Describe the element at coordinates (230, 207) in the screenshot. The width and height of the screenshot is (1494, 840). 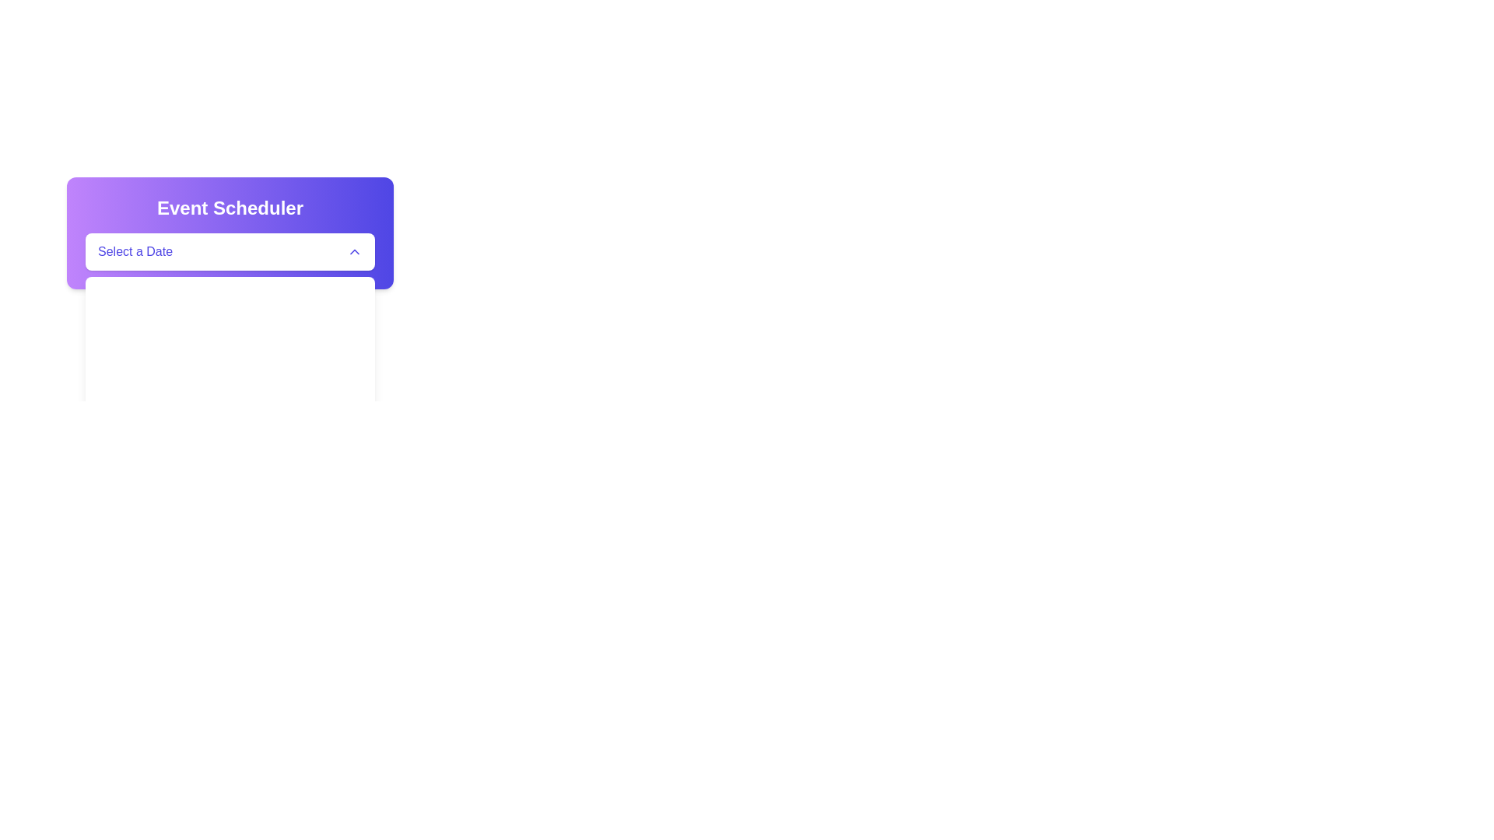
I see `the bold title text 'Event Scheduler' to potentially reveal a tooltip or effect` at that location.